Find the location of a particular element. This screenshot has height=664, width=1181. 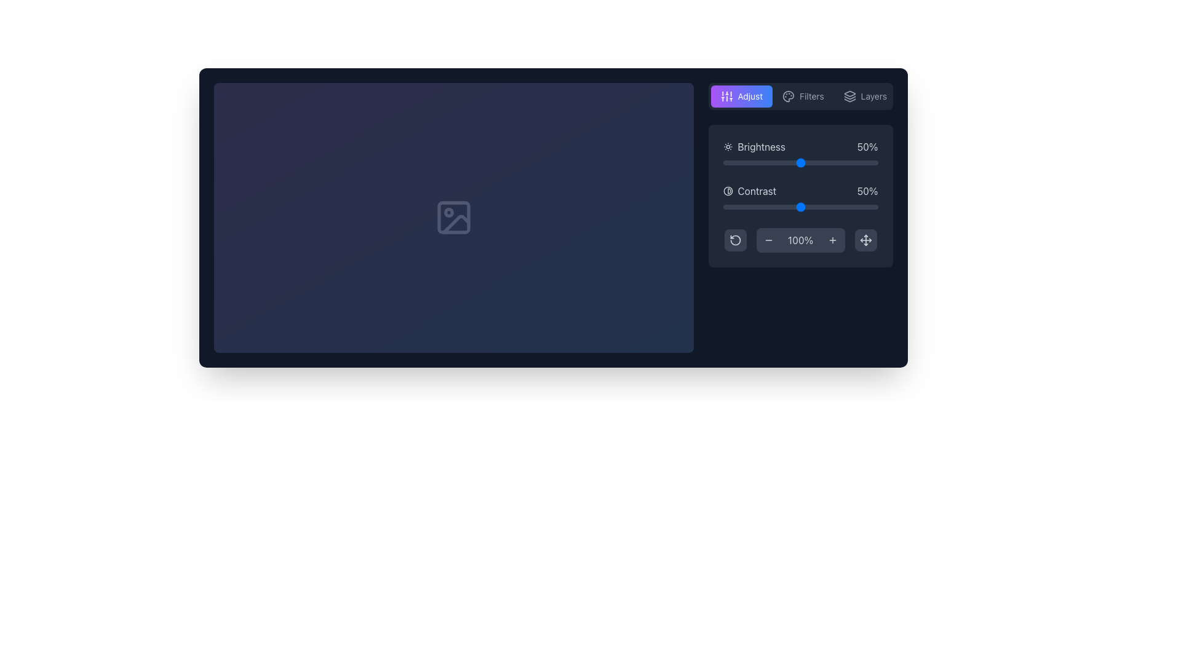

the slider value is located at coordinates (795, 162).